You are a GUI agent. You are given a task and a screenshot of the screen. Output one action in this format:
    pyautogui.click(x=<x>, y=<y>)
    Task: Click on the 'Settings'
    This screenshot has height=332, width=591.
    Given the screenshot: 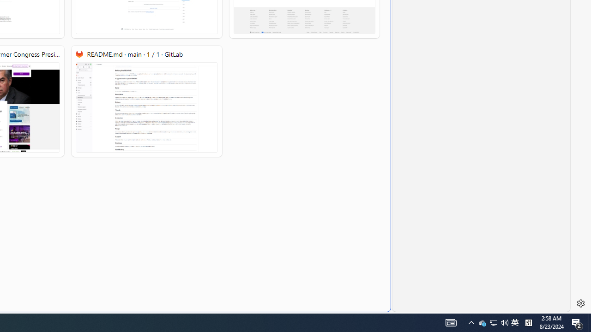 What is the action you would take?
    pyautogui.click(x=580, y=303)
    